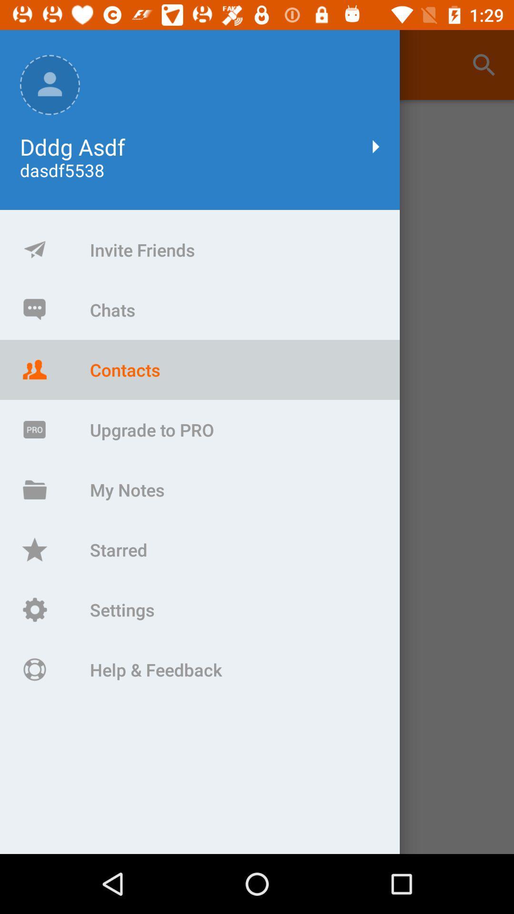  What do you see at coordinates (257, 477) in the screenshot?
I see `account profile` at bounding box center [257, 477].